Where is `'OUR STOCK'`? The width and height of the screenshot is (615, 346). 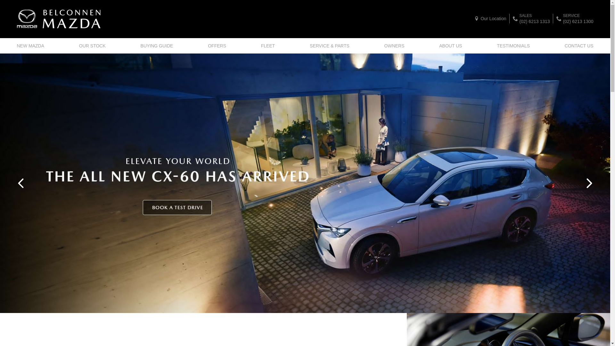 'OUR STOCK' is located at coordinates (92, 45).